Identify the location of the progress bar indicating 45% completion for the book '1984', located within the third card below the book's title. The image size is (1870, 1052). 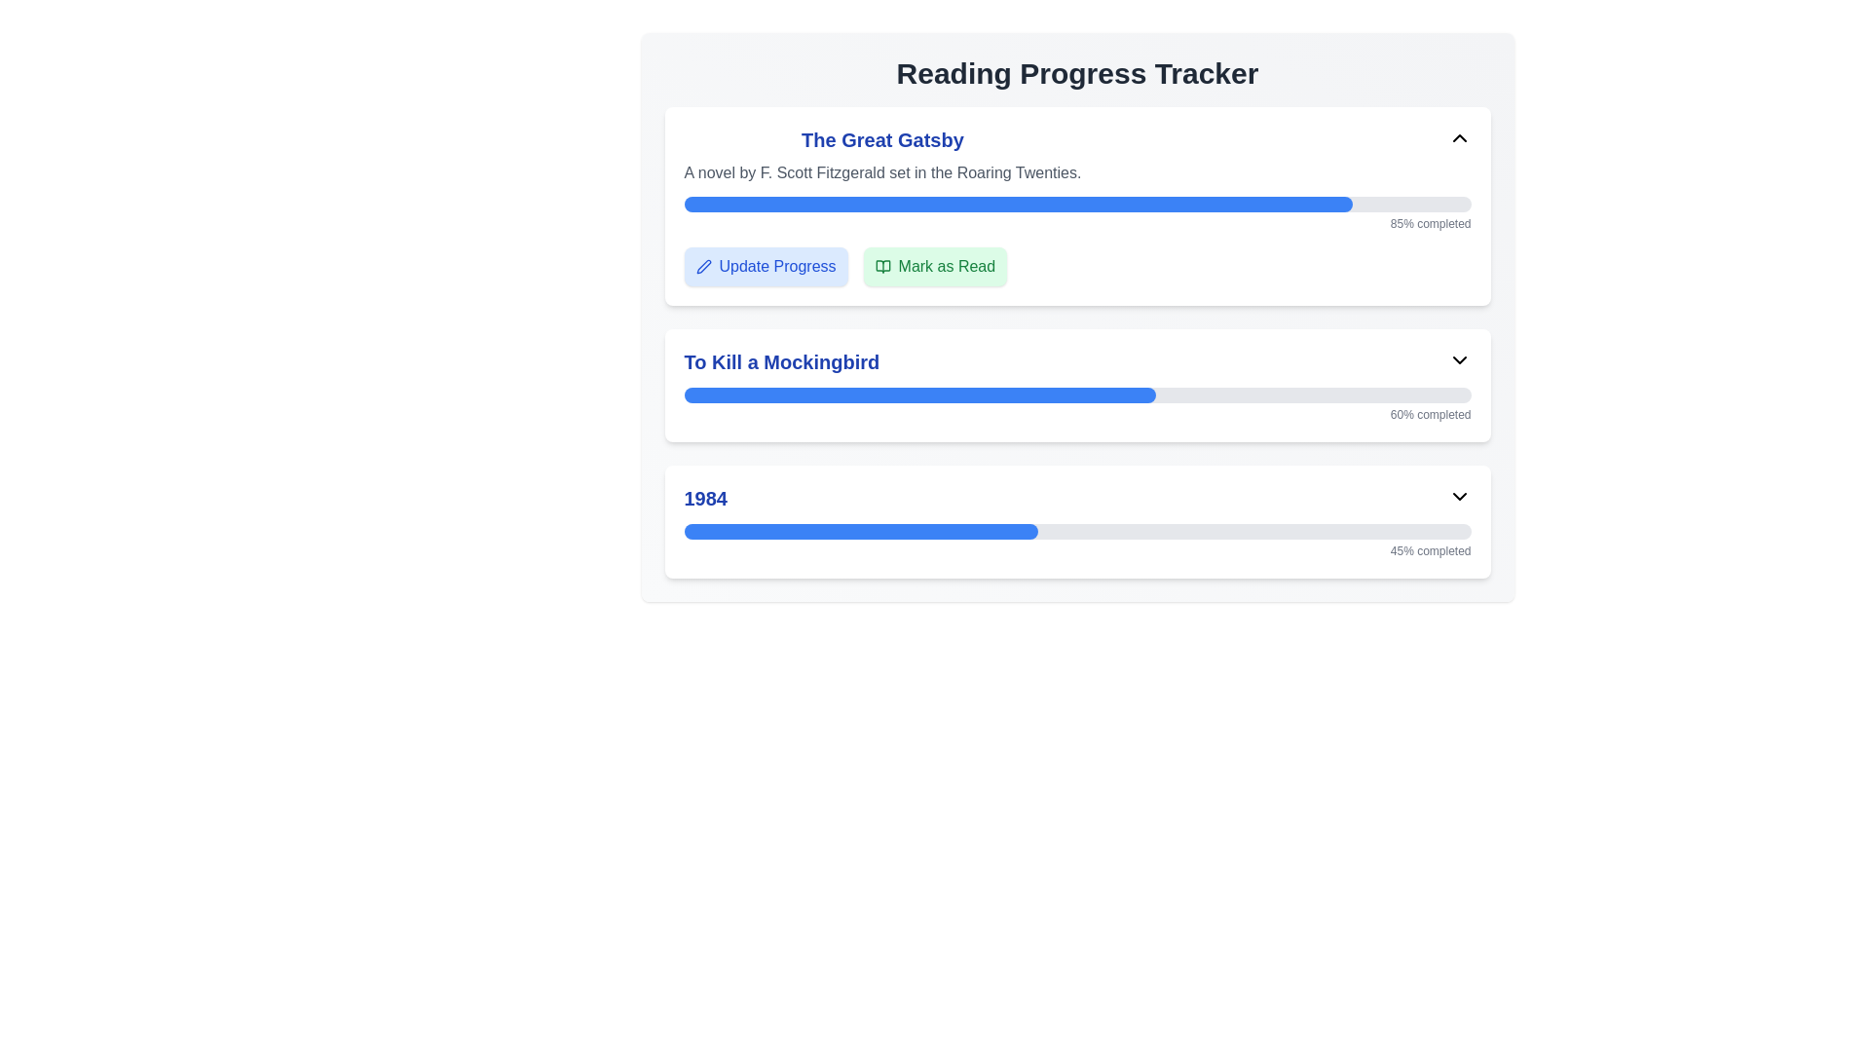
(1076, 532).